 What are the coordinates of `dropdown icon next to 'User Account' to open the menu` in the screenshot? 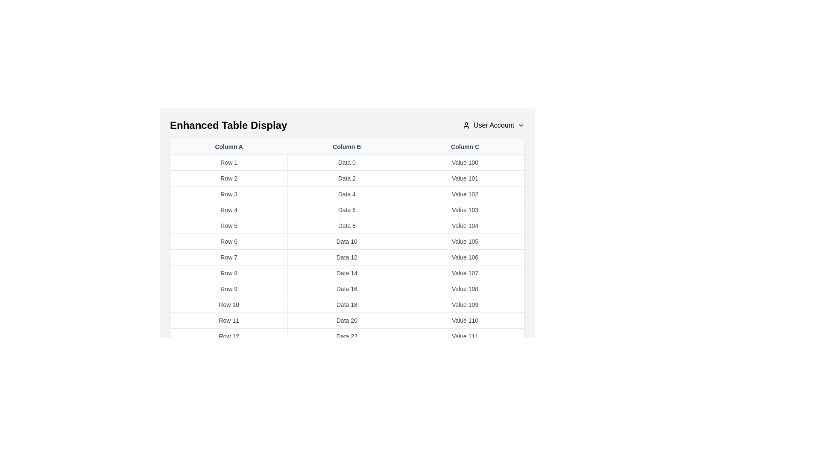 It's located at (520, 125).